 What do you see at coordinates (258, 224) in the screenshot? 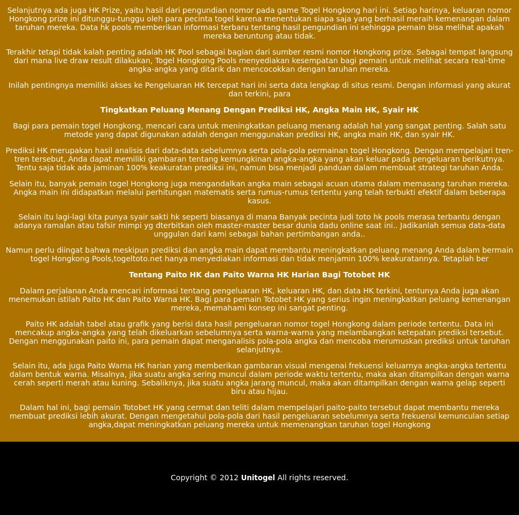
I see `'Selain itu lagi-lagi kita punya syair sakti hk seperti biasanya di mana Banyak pecinta judi toto hk pools merasa terbantu dengan adanya ramalan atau tafsir mimpi yg dterbitkan oleh master-master besar dunia dadu online saat ini.. Jadikanlah semua data-data unggulan dari kami sebagai bahan pertimbangan anda..'` at bounding box center [258, 224].